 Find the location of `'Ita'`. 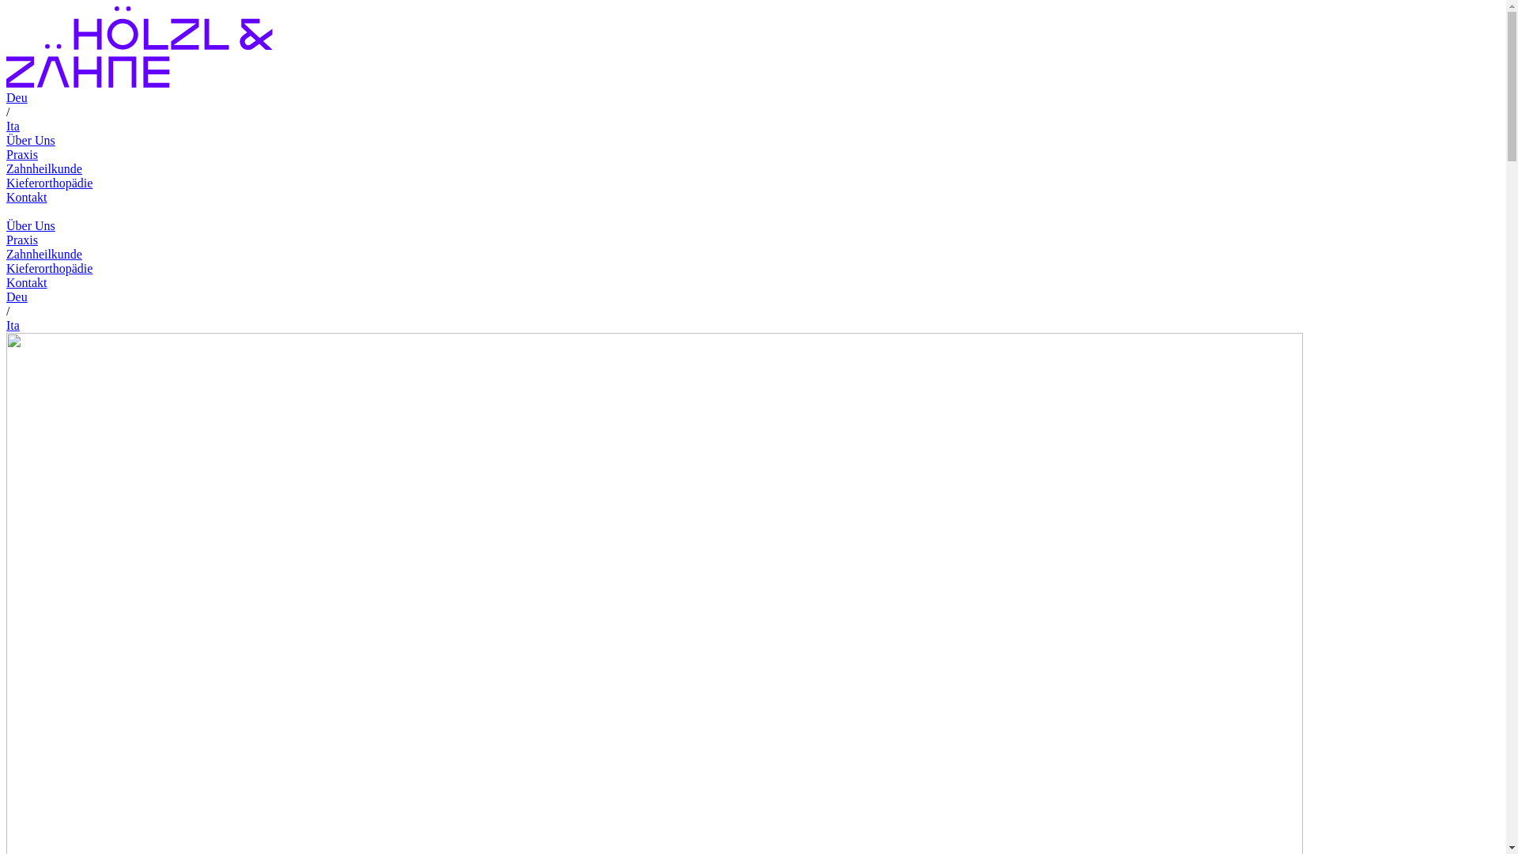

'Ita' is located at coordinates (13, 324).